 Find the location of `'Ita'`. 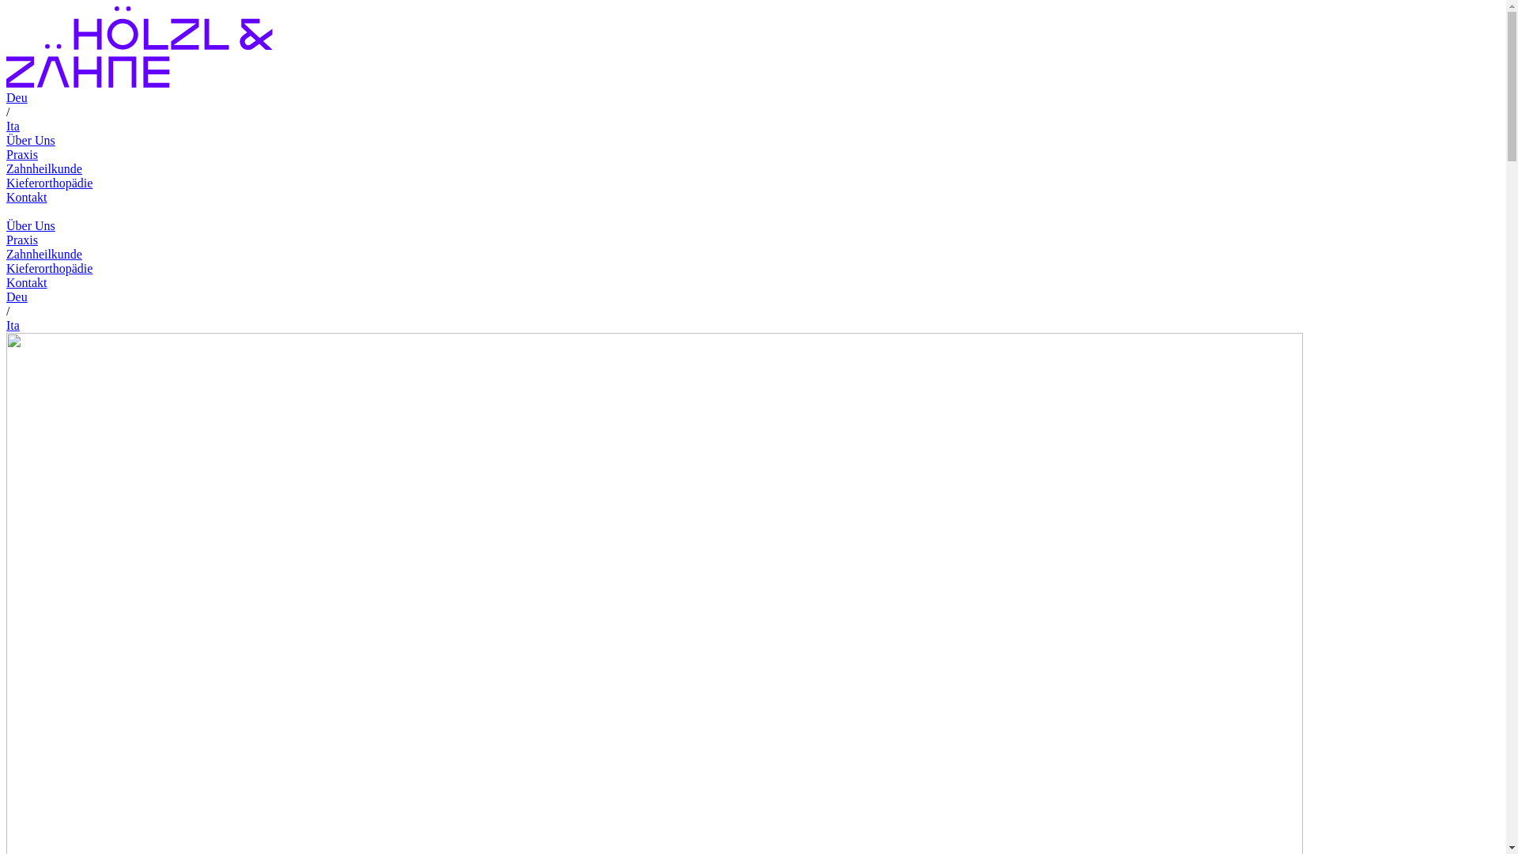

'Ita' is located at coordinates (13, 324).